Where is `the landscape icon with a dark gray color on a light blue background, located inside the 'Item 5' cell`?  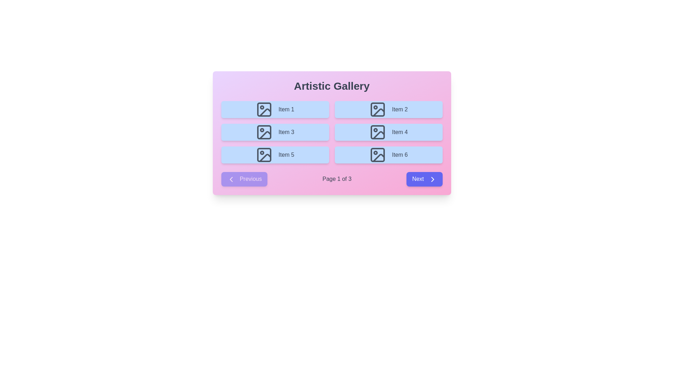 the landscape icon with a dark gray color on a light blue background, located inside the 'Item 5' cell is located at coordinates (264, 154).